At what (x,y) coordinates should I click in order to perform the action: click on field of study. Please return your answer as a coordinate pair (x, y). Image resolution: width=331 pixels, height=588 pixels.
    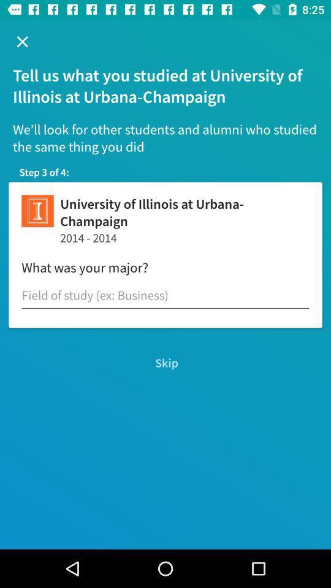
    Looking at the image, I should click on (165, 295).